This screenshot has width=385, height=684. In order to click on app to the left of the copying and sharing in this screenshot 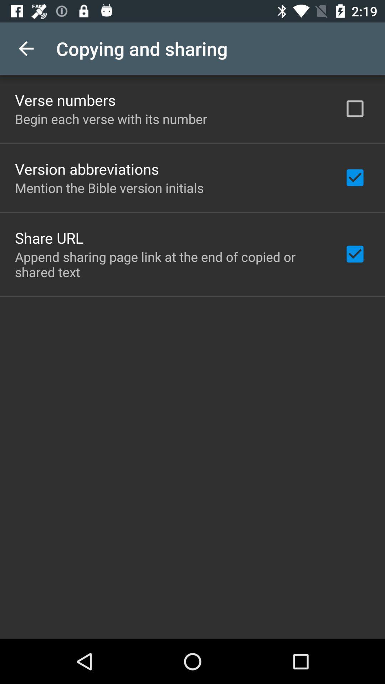, I will do `click(26, 48)`.